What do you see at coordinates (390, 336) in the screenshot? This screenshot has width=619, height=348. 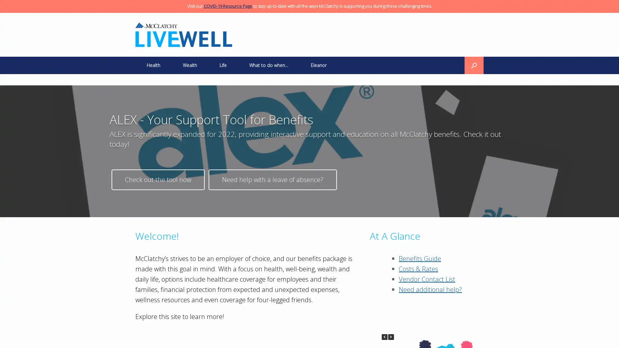 I see `Next Posts` at bounding box center [390, 336].